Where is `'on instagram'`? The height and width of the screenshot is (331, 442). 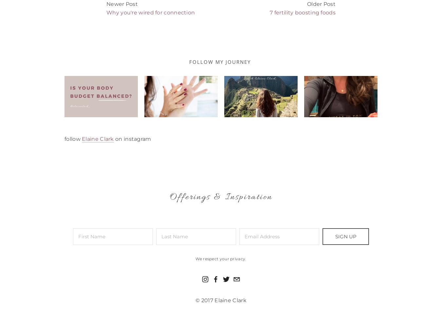
'on instagram' is located at coordinates (132, 138).